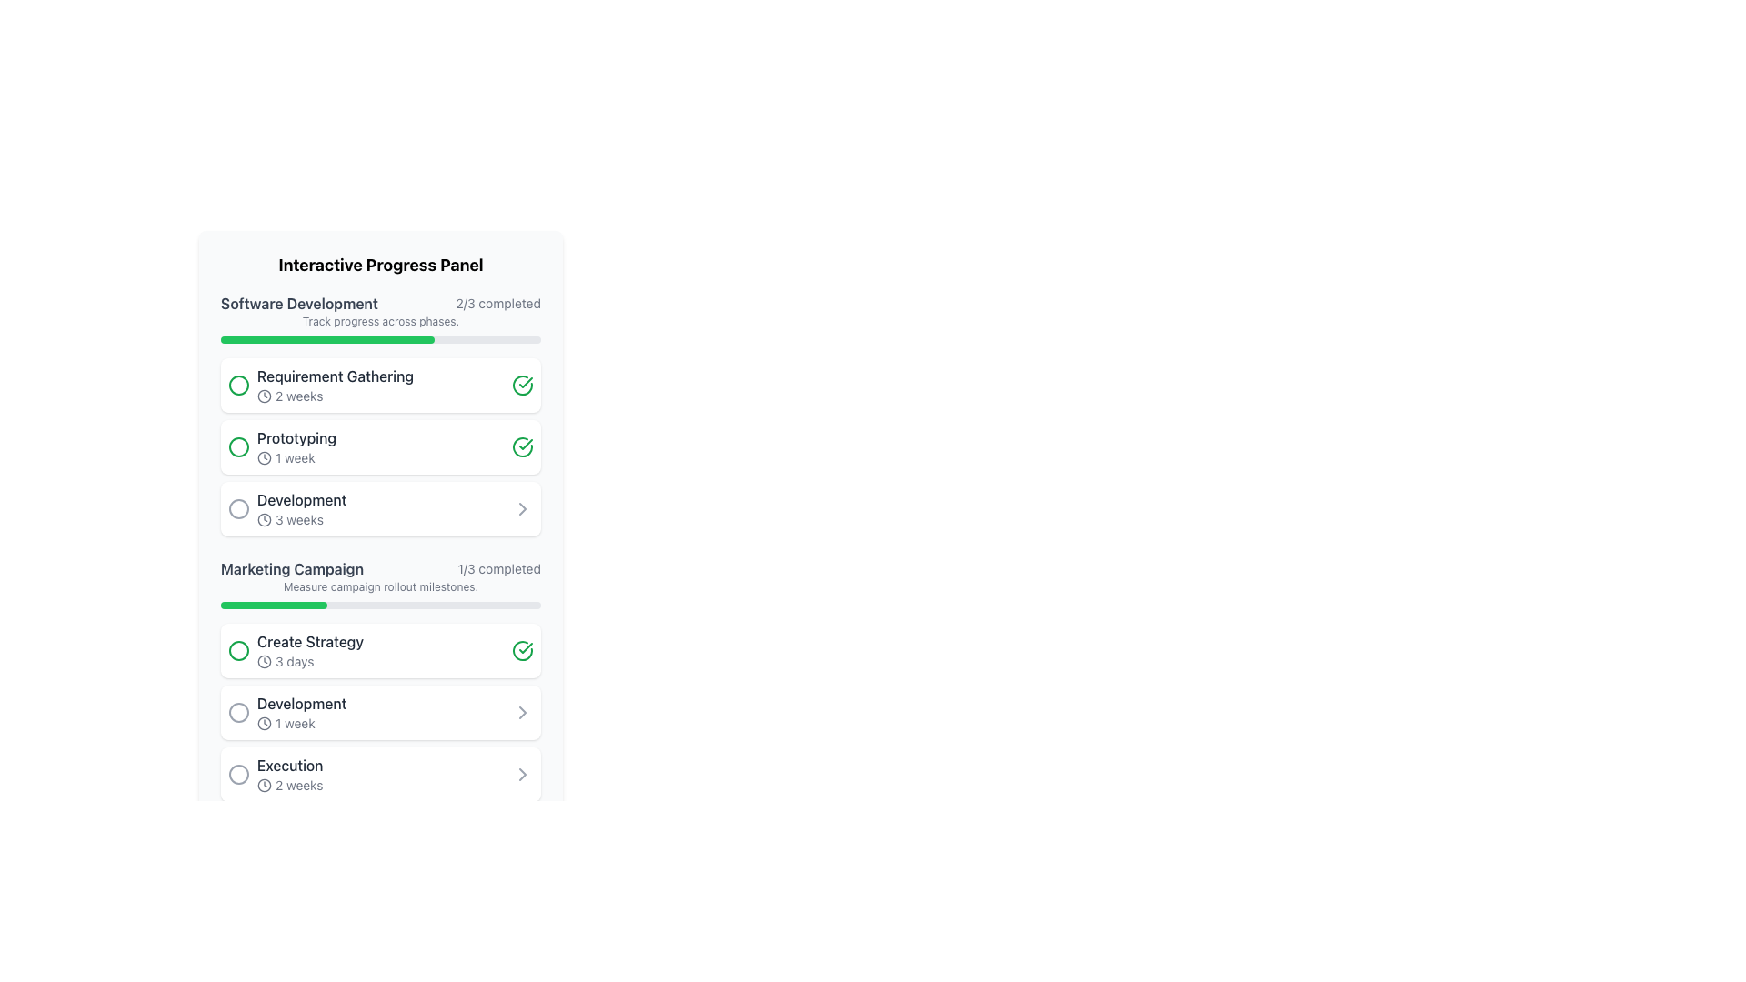 The height and width of the screenshot is (982, 1746). I want to click on the text label displaying 'Prototyping' in the Software Development section, located below 'Requirement Gathering' and above 'Development', so click(296, 438).